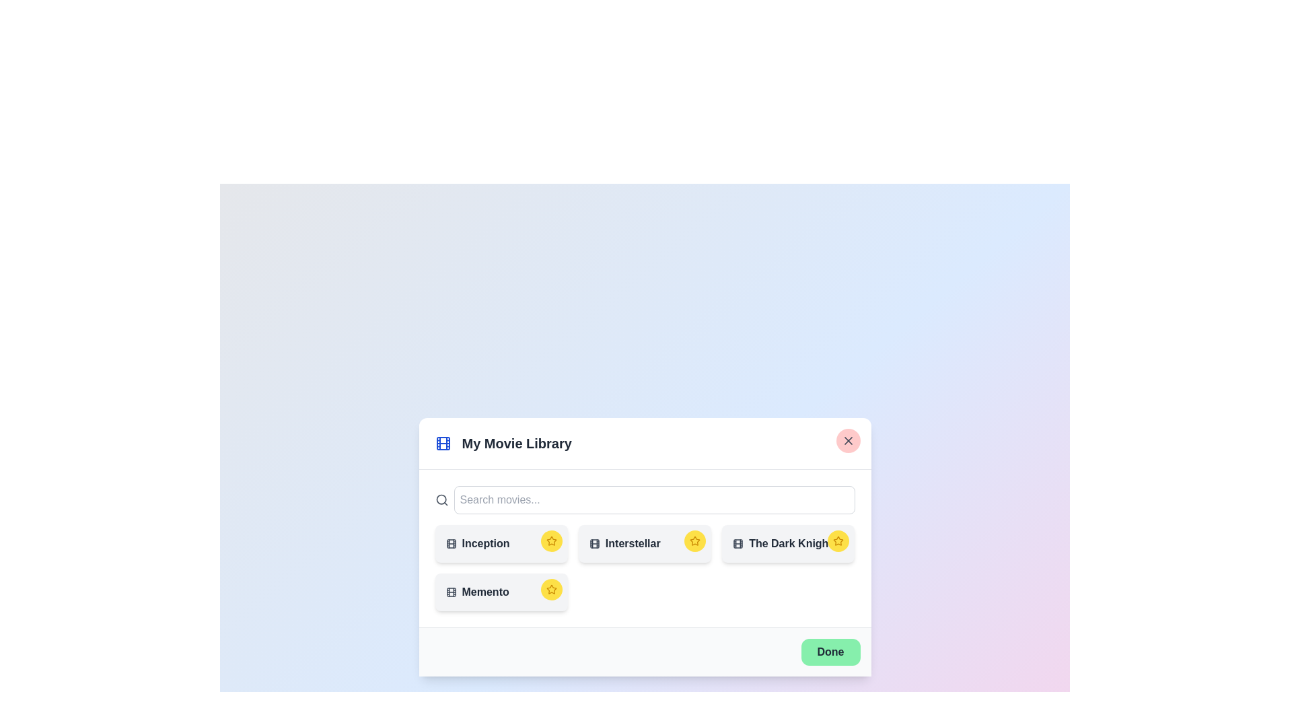  Describe the element at coordinates (501, 543) in the screenshot. I see `text content of the movie title label located centrally in the component that groups movie titles, positioned as the first item in the list next to a yellow star icon` at that location.